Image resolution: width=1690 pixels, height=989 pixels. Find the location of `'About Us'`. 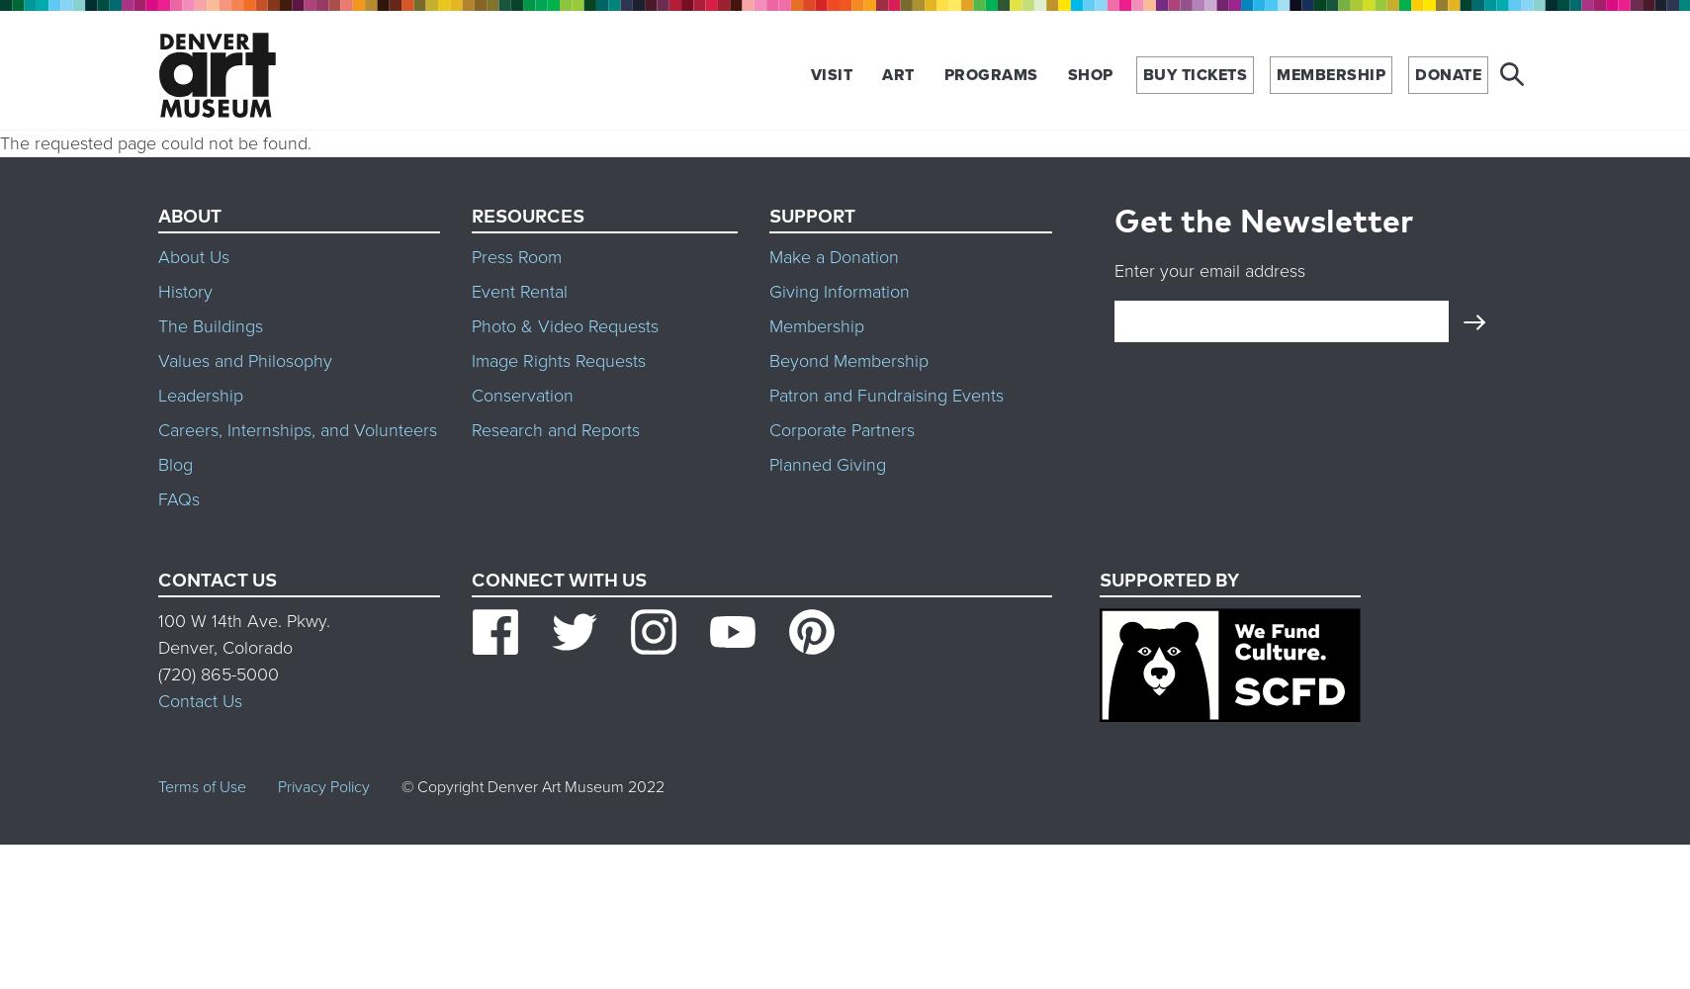

'About Us' is located at coordinates (193, 256).